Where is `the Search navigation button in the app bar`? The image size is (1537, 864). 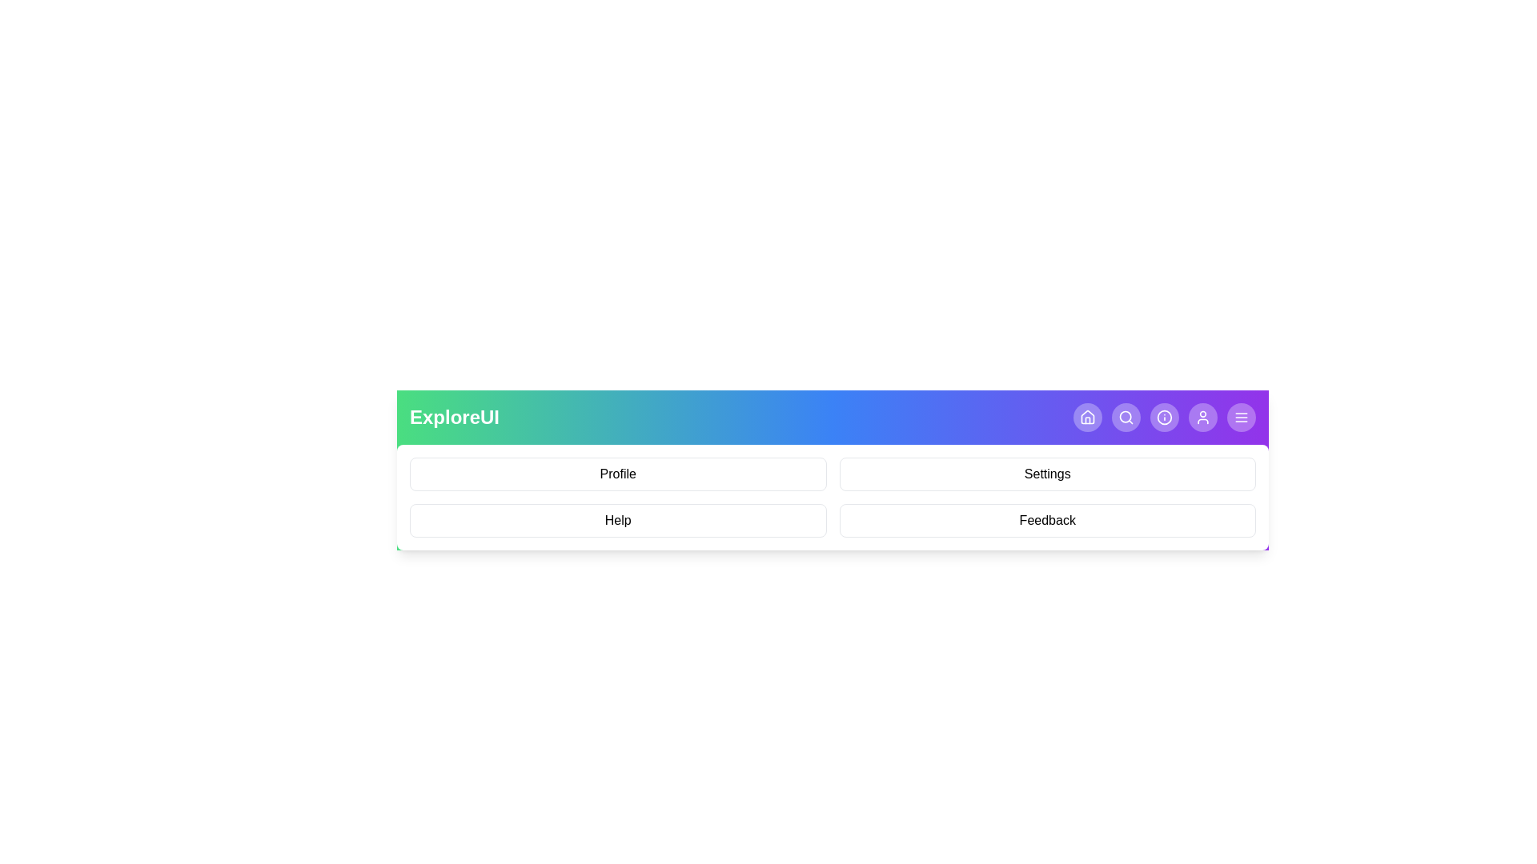 the Search navigation button in the app bar is located at coordinates (1125, 416).